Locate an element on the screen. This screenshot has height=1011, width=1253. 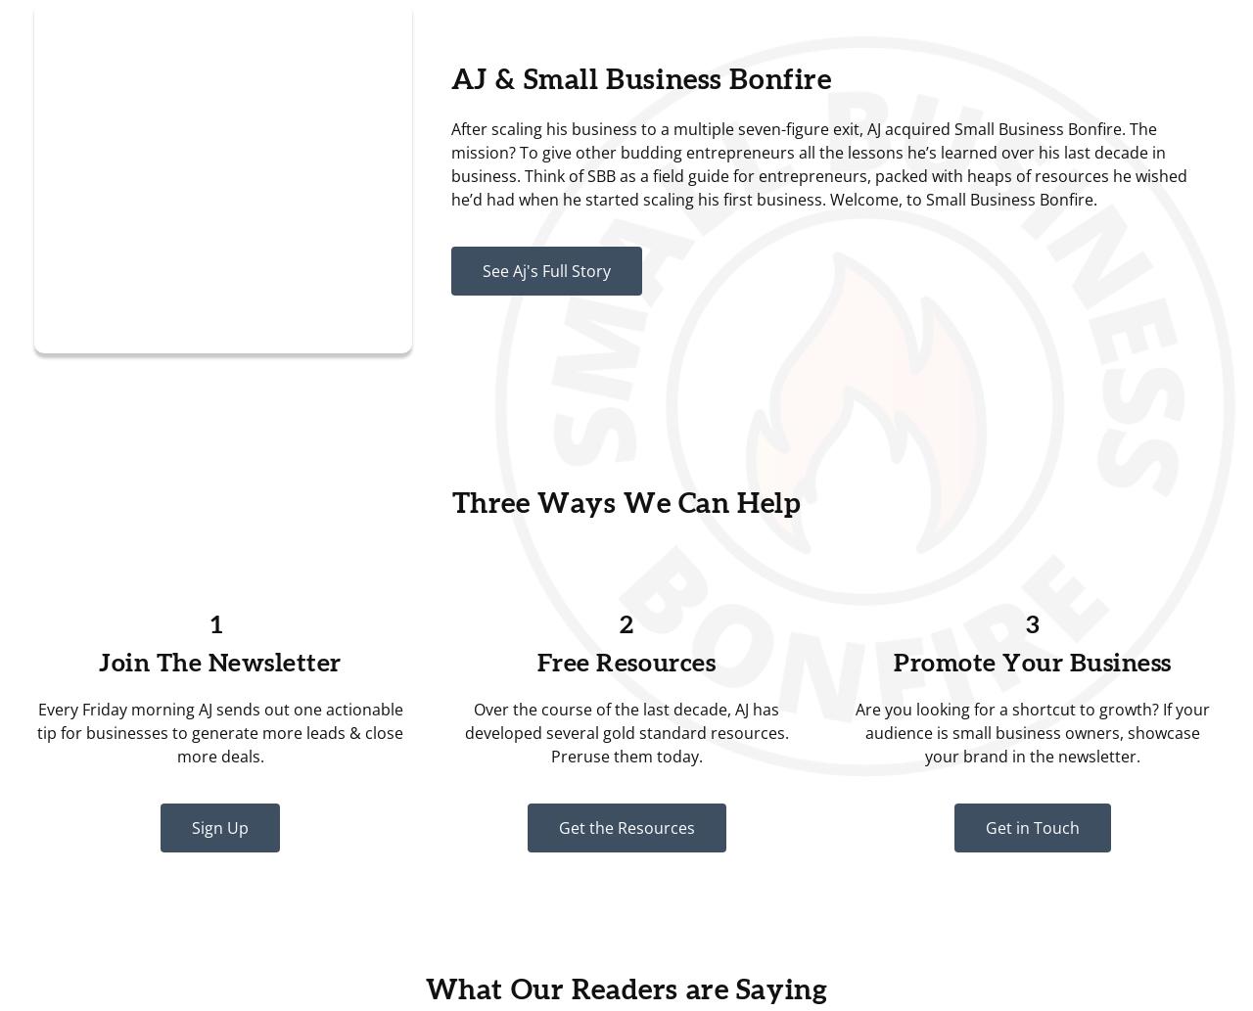
'After scaling his business to a multiple seven-figure exit, AJ acquired Small Business Bonfire. The mission? To give other budding entrepreneurs all the lessons he’s learned over his last decade in business. Think of SBB as a field guide for entrepreneurs, packed with heaps of resources he wished he’d had when he started scaling his first business. Welcome, to Small Business Bonfire.' is located at coordinates (817, 163).